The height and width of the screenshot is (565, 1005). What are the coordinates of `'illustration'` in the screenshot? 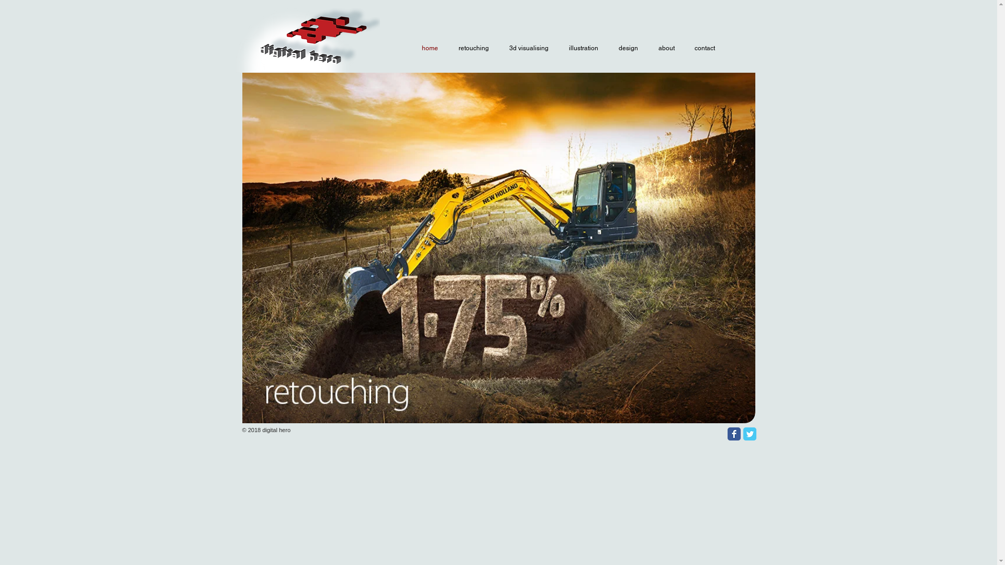 It's located at (581, 48).